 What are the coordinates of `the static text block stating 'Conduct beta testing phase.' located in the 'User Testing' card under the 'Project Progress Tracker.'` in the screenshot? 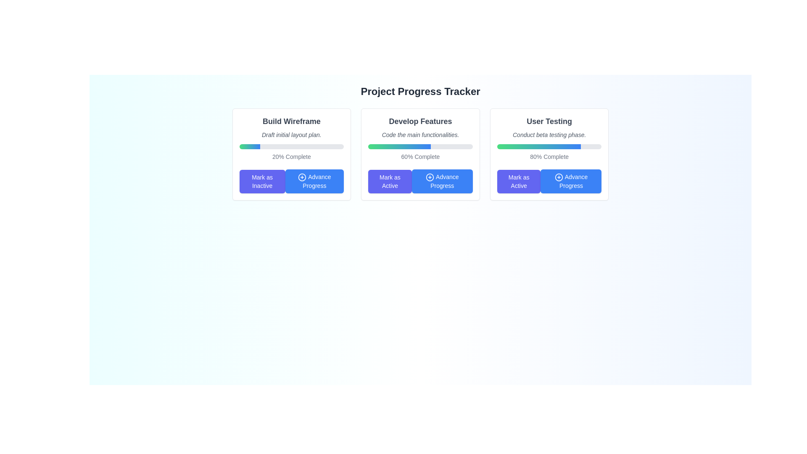 It's located at (549, 134).